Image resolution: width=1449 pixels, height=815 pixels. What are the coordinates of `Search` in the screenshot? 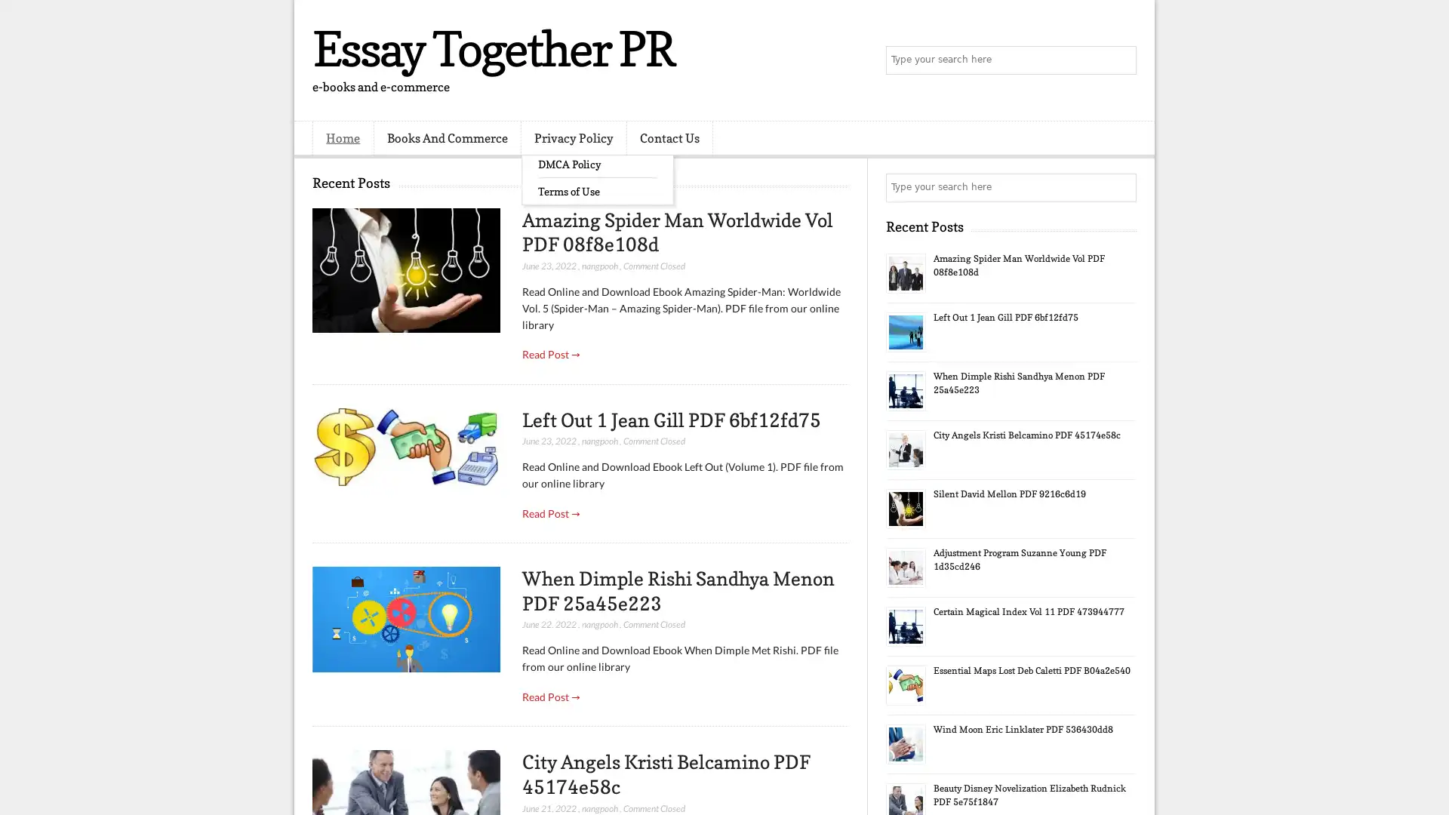 It's located at (1121, 187).